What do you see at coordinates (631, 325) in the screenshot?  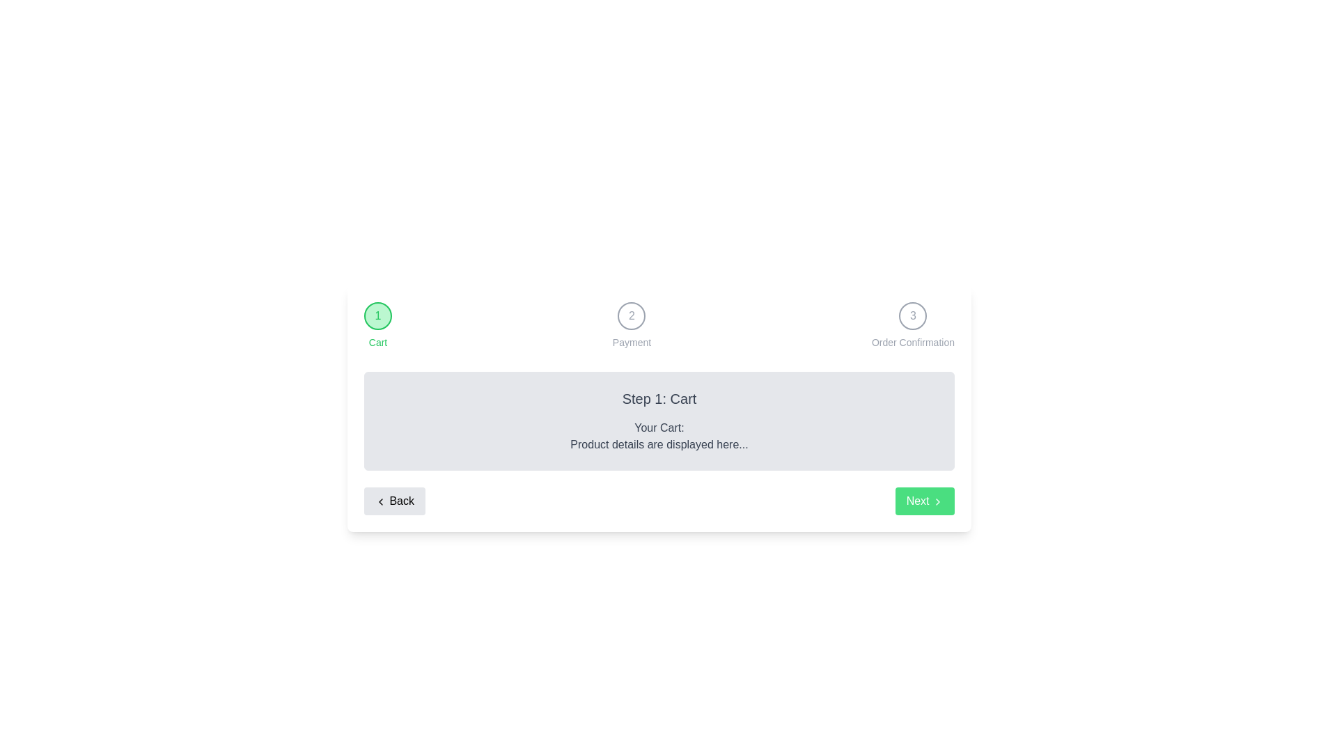 I see `the stepper elements: Payment` at bounding box center [631, 325].